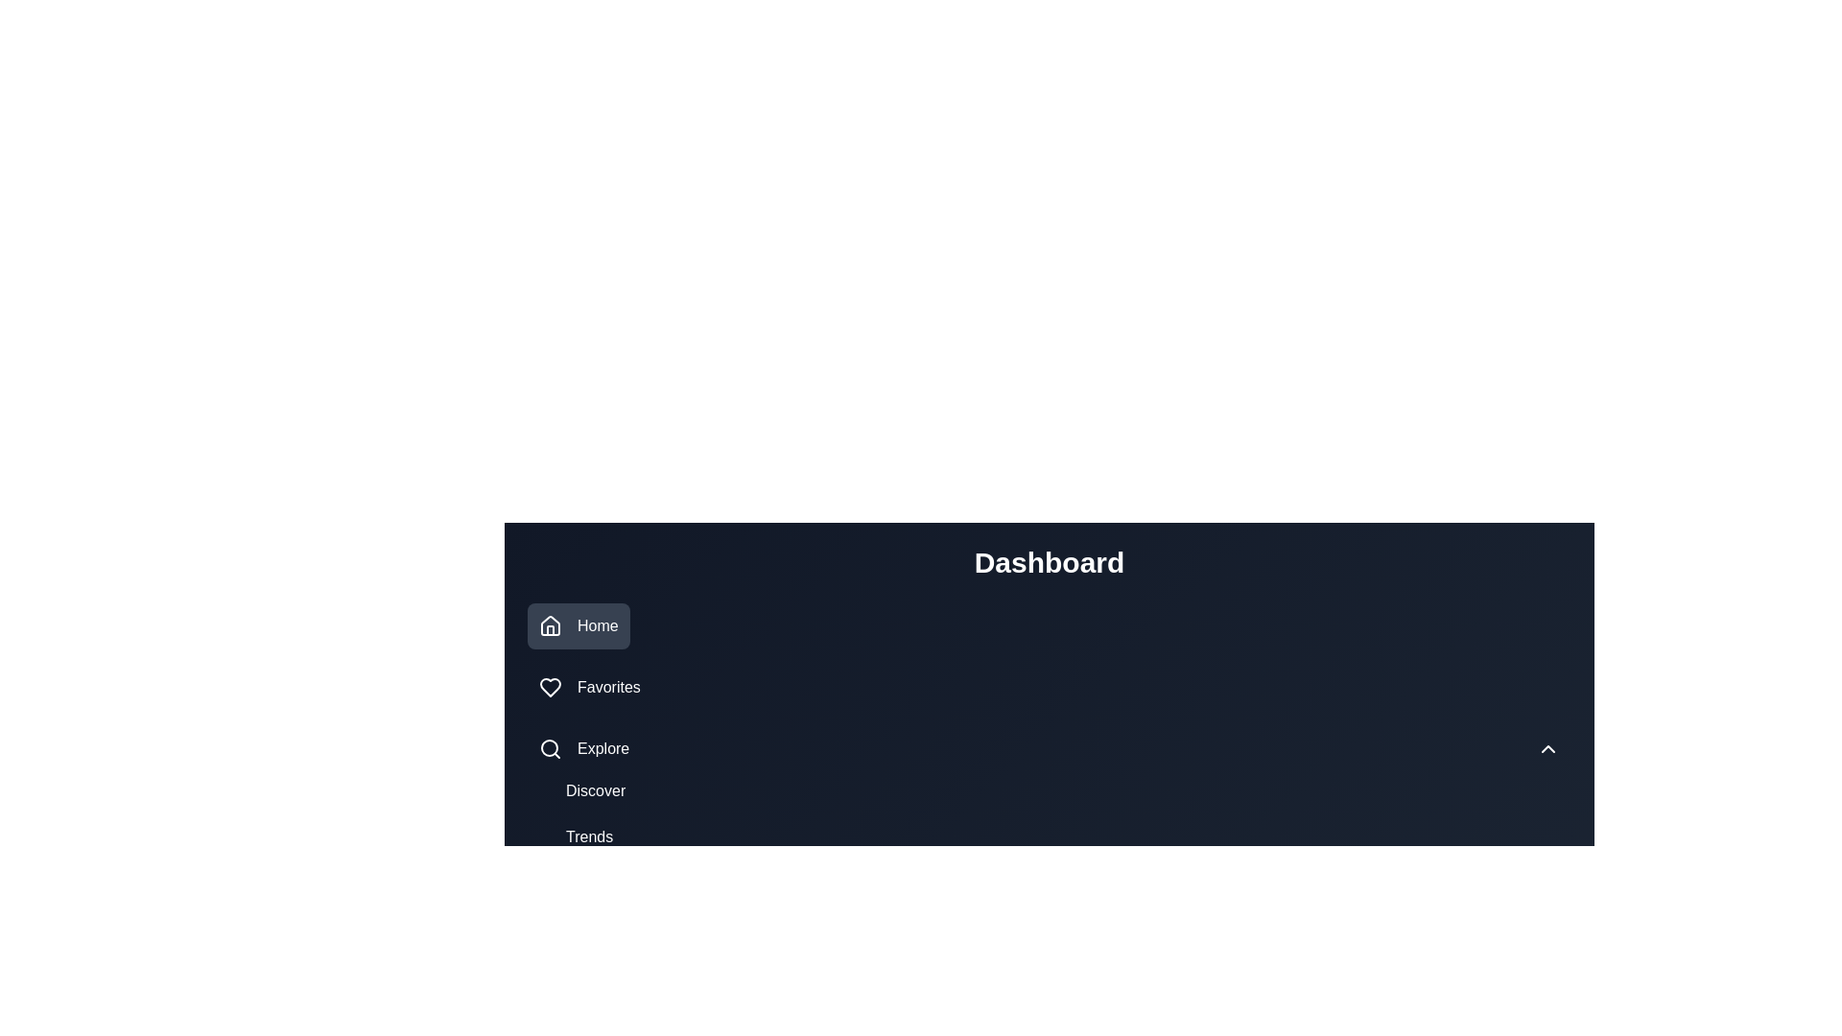 This screenshot has height=1036, width=1842. I want to click on the 'Home' menu item label in the left sidebar menu, which is the first item in the list and is associated with a house icon, so click(597, 625).